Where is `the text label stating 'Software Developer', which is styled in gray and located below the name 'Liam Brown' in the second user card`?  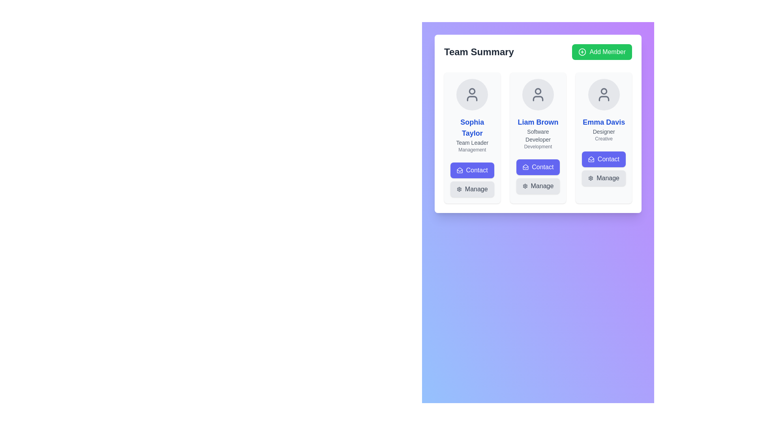 the text label stating 'Software Developer', which is styled in gray and located below the name 'Liam Brown' in the second user card is located at coordinates (538, 135).